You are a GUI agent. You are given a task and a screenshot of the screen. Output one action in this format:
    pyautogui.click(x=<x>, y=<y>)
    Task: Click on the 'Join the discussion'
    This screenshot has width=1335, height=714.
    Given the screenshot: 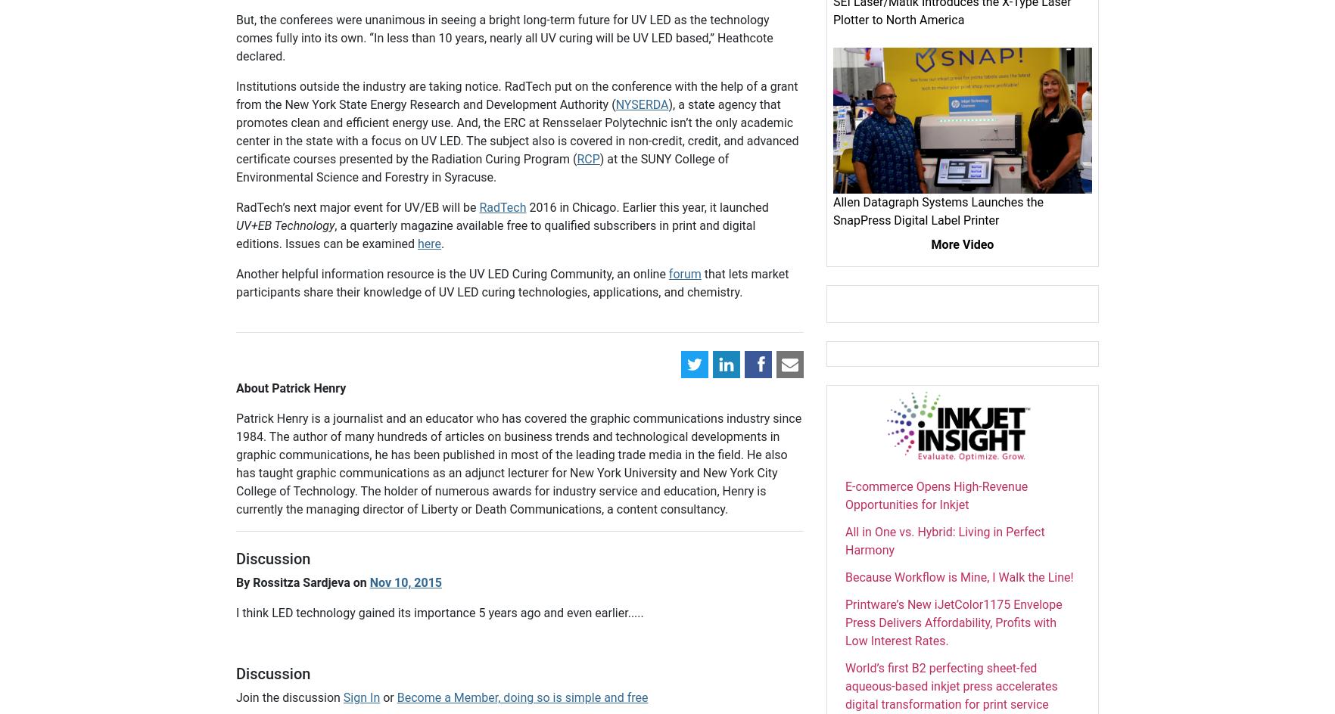 What is the action you would take?
    pyautogui.click(x=289, y=697)
    